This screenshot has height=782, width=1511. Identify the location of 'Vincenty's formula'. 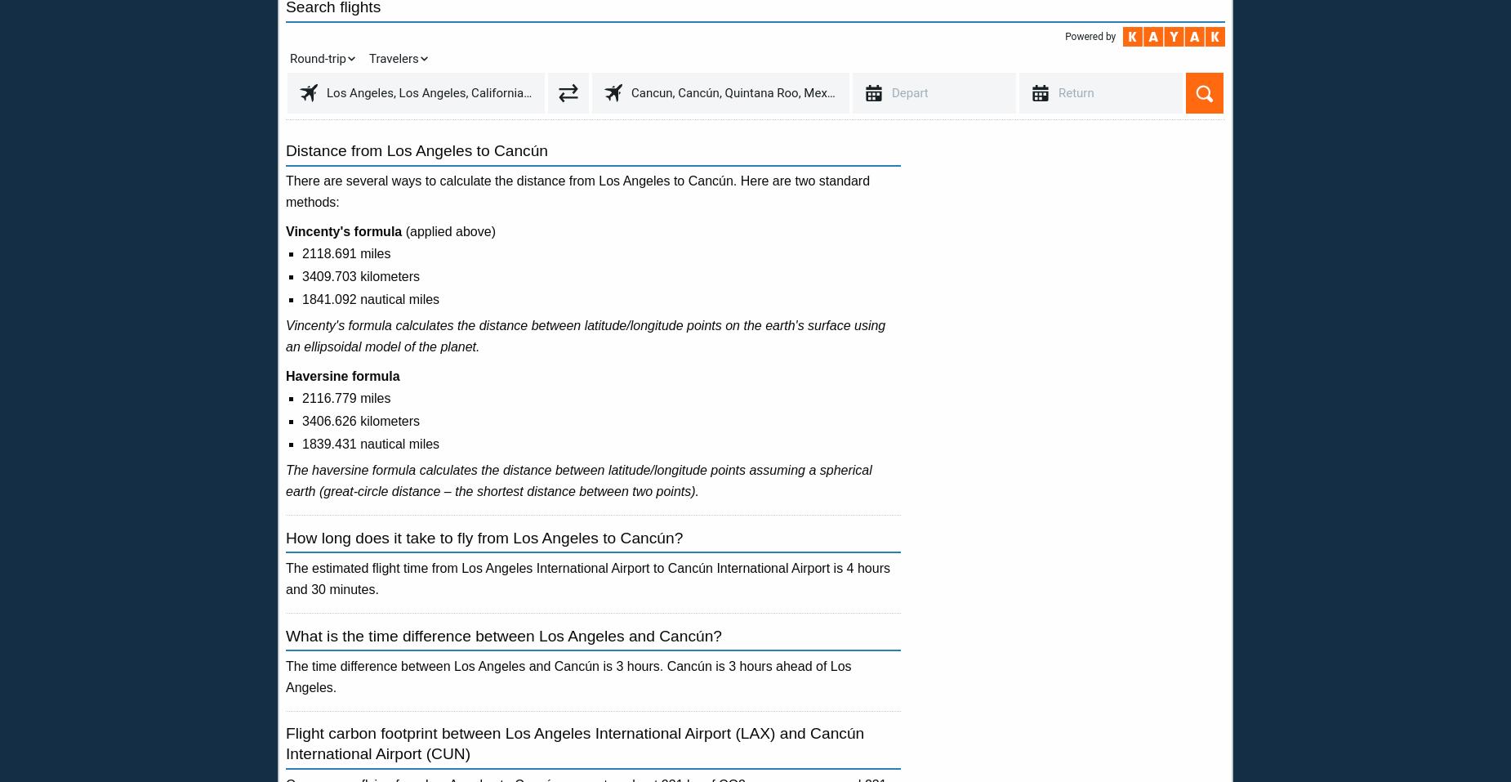
(343, 230).